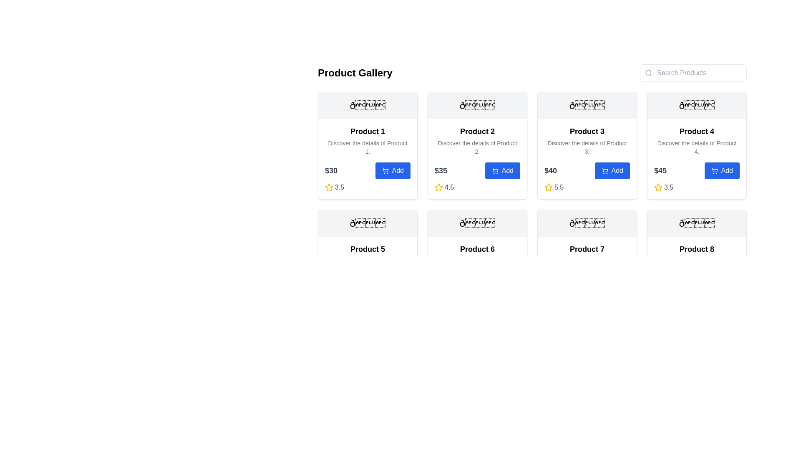 Image resolution: width=801 pixels, height=451 pixels. Describe the element at coordinates (438, 187) in the screenshot. I see `the yellow outlined star icon associated with the 4.5 rating of the second product in the gallery` at that location.